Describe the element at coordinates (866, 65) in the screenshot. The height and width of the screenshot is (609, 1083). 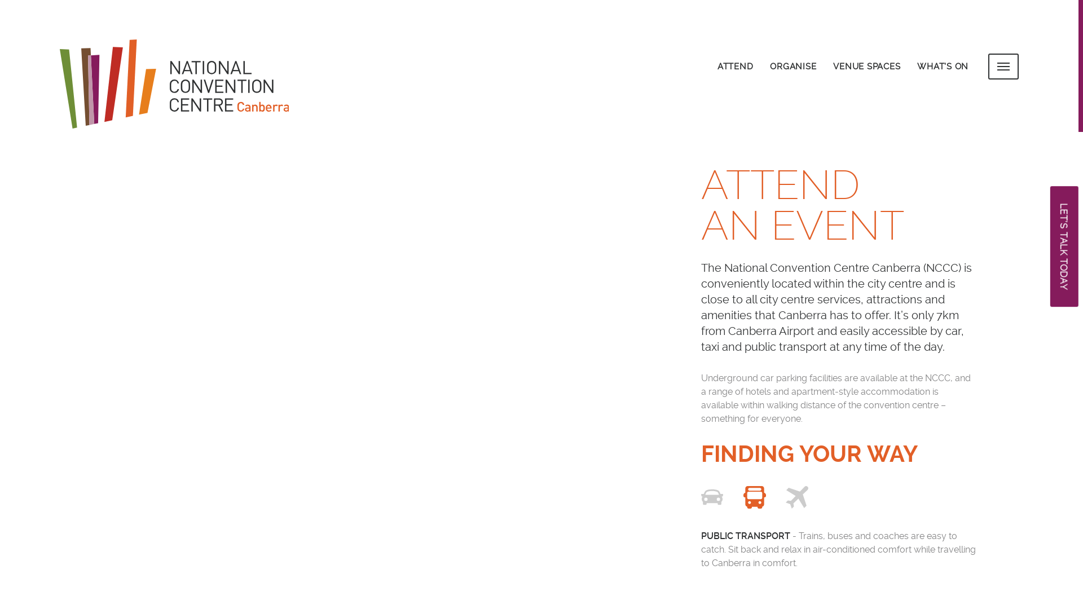
I see `'VENUE SPACES'` at that location.